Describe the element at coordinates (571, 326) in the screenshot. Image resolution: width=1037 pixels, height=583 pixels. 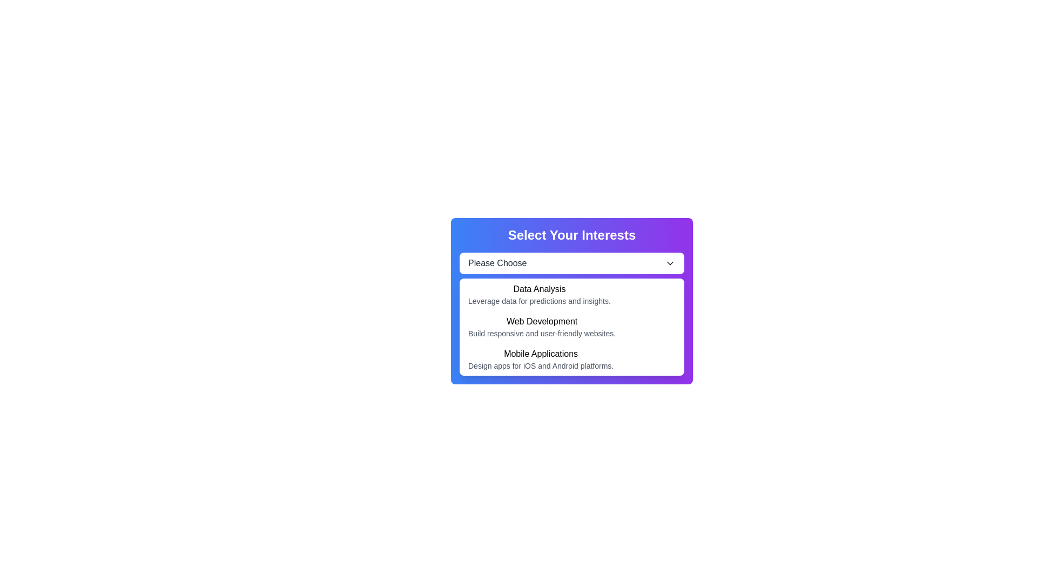
I see `the second selectable item in the dropdown list labeled 'Select Your Interests' to indicate interest in web development` at that location.